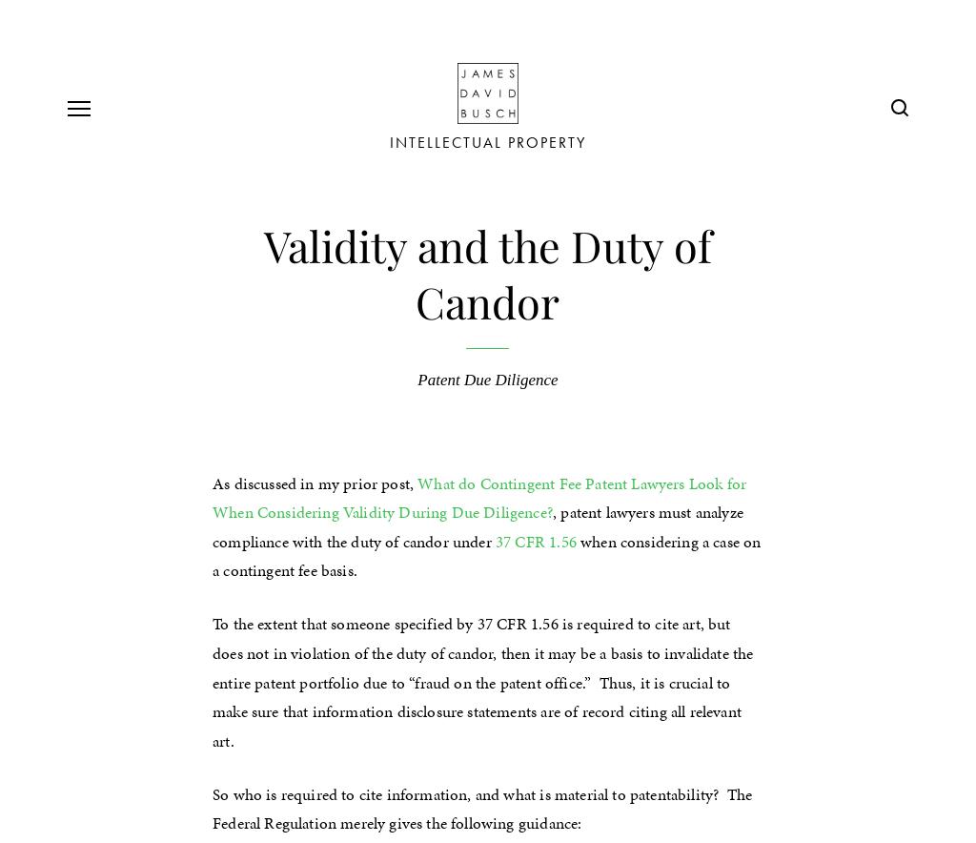 The image size is (976, 843). What do you see at coordinates (488, 142) in the screenshot?
I see `'Intellectual Property'` at bounding box center [488, 142].